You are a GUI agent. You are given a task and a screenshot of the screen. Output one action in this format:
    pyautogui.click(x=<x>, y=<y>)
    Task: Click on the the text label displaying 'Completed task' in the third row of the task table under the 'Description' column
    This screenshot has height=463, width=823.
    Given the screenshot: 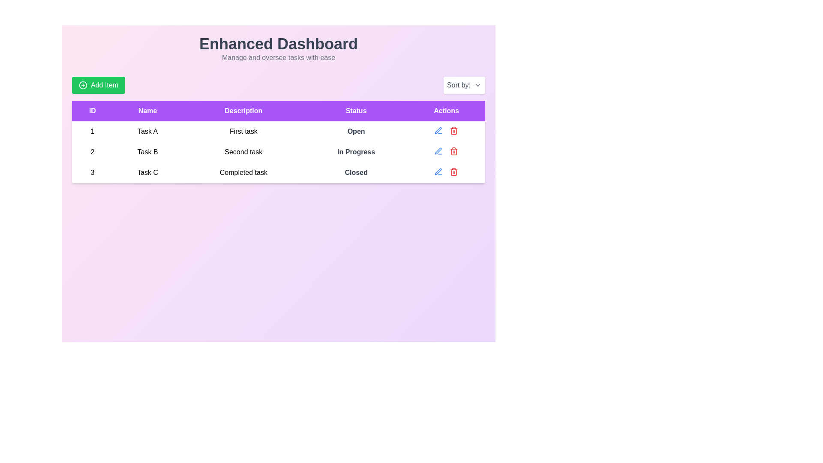 What is the action you would take?
    pyautogui.click(x=243, y=172)
    